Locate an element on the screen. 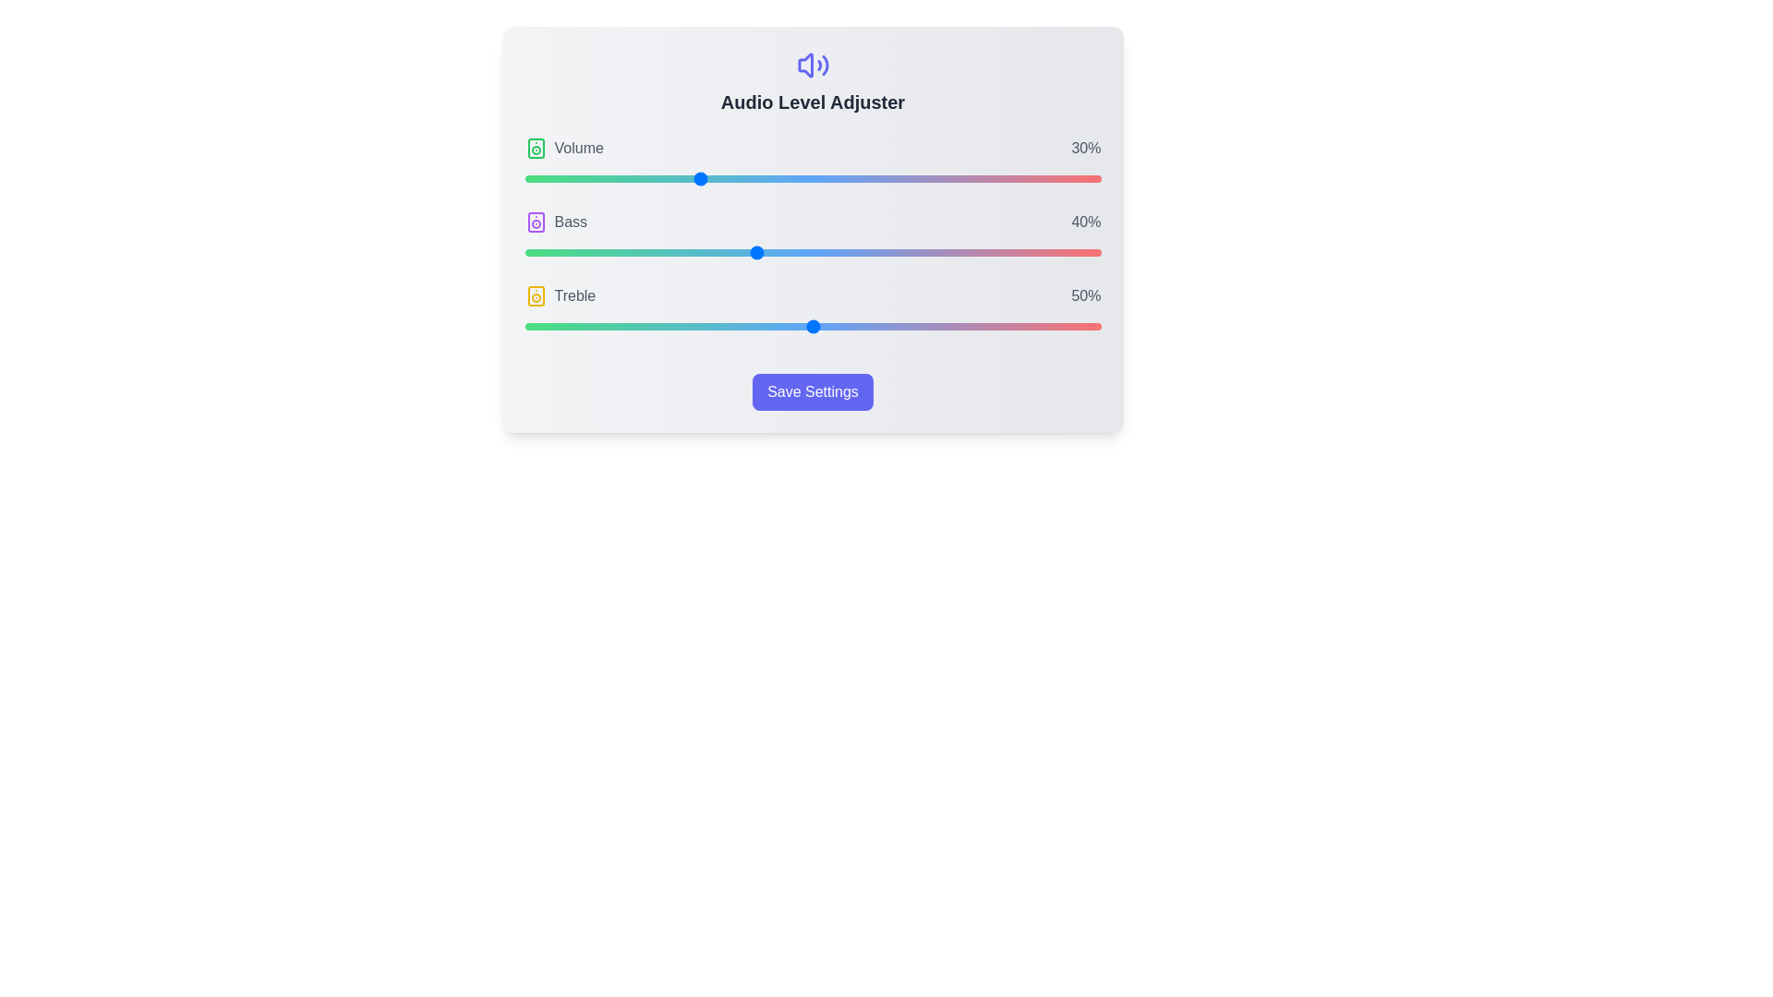 This screenshot has height=997, width=1773. 'Save Settings' button to save the current audio settings is located at coordinates (813, 390).